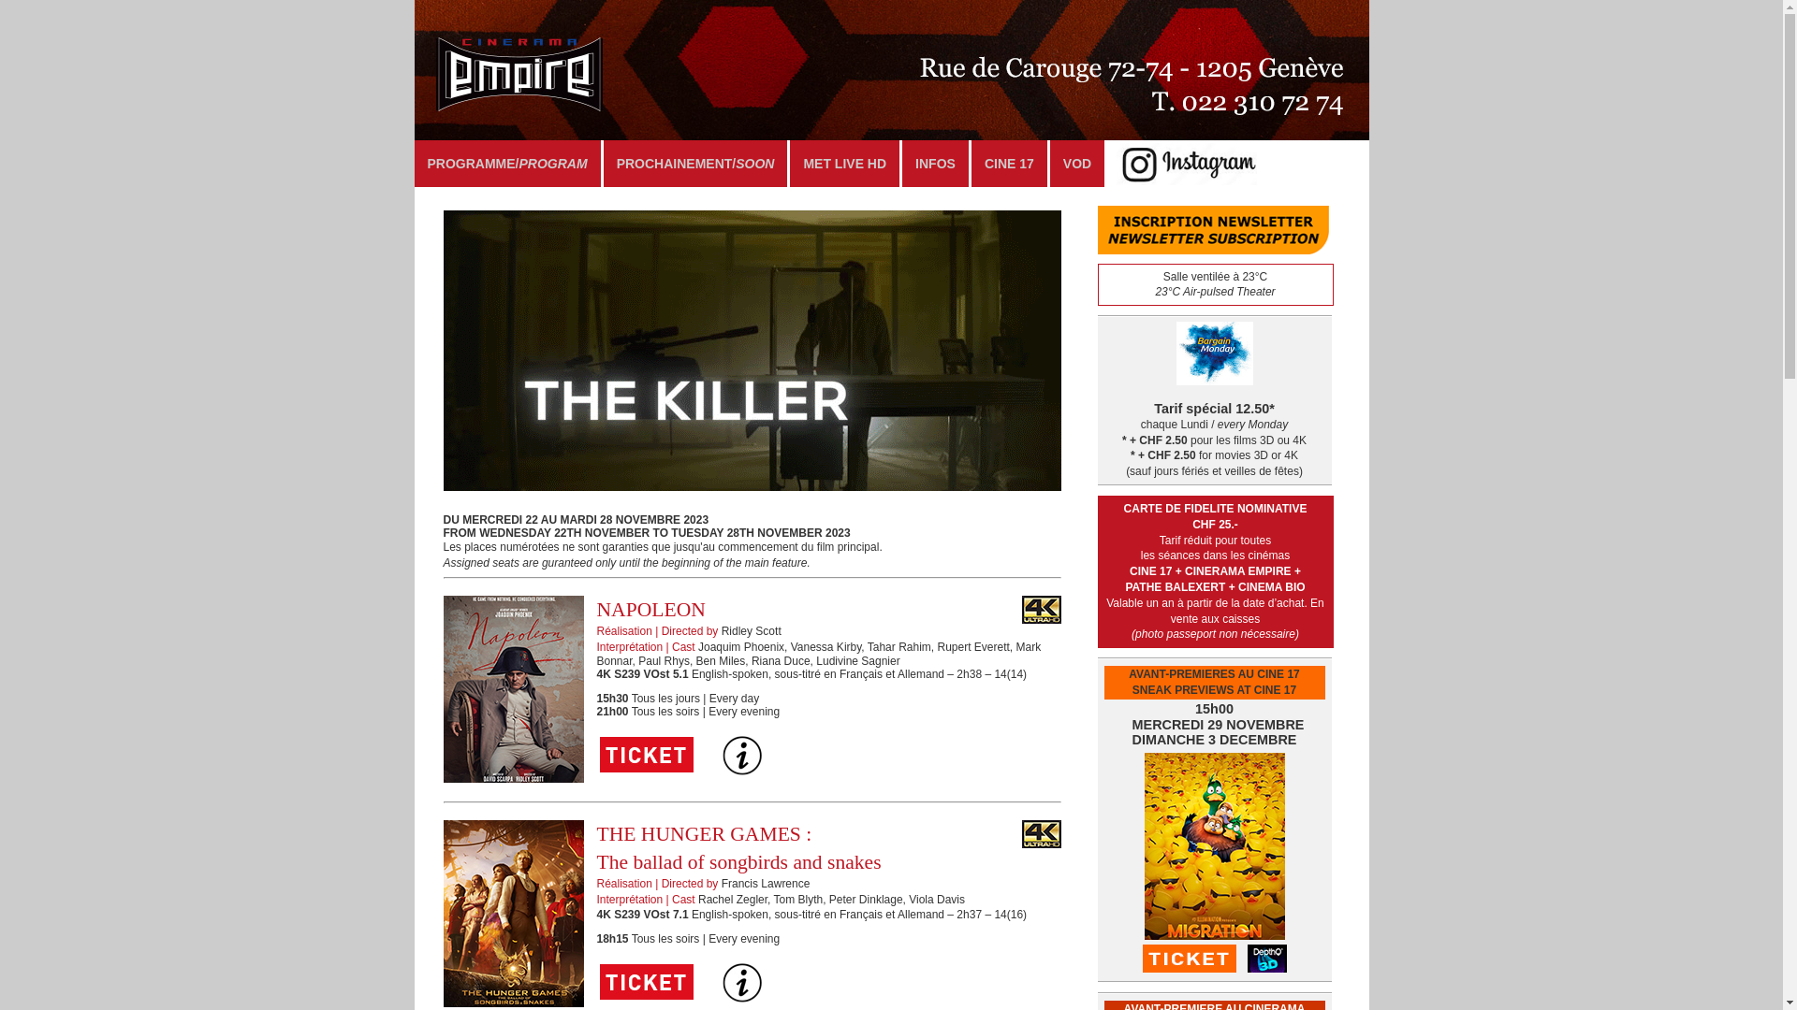 The width and height of the screenshot is (1797, 1010). Describe the element at coordinates (1077, 162) in the screenshot. I see `'VOD'` at that location.